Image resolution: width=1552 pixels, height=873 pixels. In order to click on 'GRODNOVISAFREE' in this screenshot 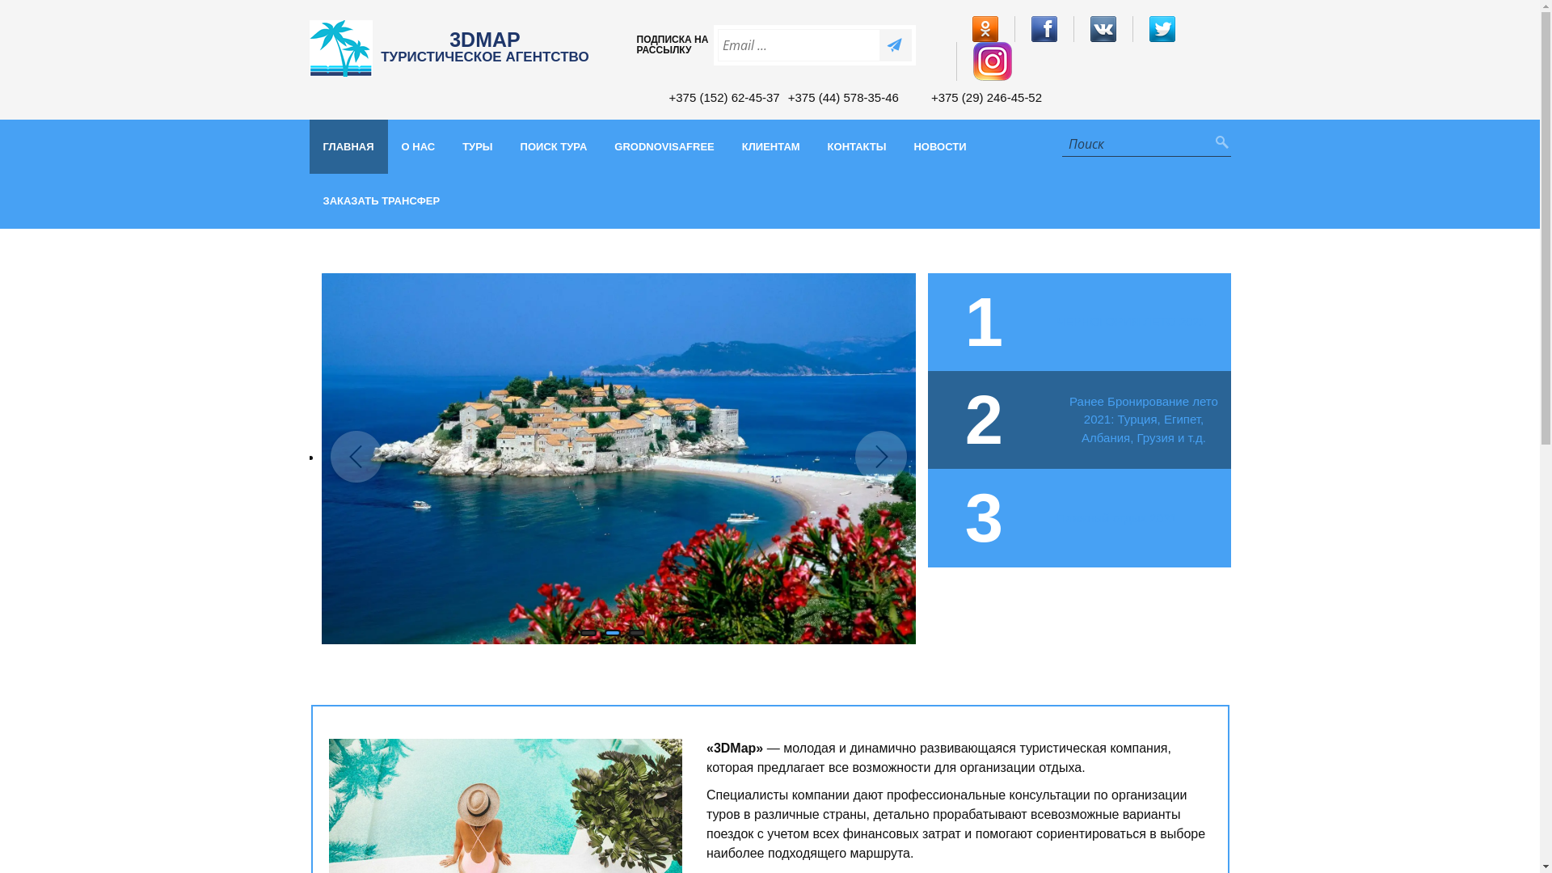, I will do `click(664, 146)`.